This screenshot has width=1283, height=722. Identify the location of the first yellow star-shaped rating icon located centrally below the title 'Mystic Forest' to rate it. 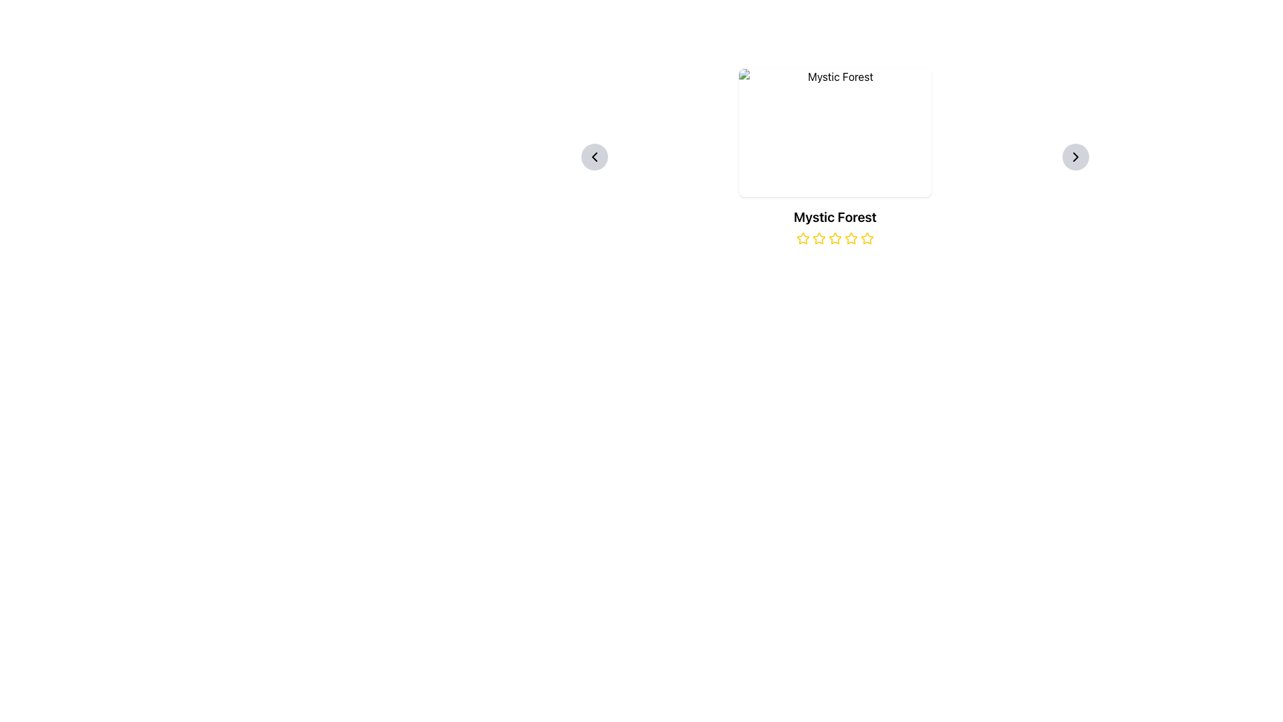
(802, 238).